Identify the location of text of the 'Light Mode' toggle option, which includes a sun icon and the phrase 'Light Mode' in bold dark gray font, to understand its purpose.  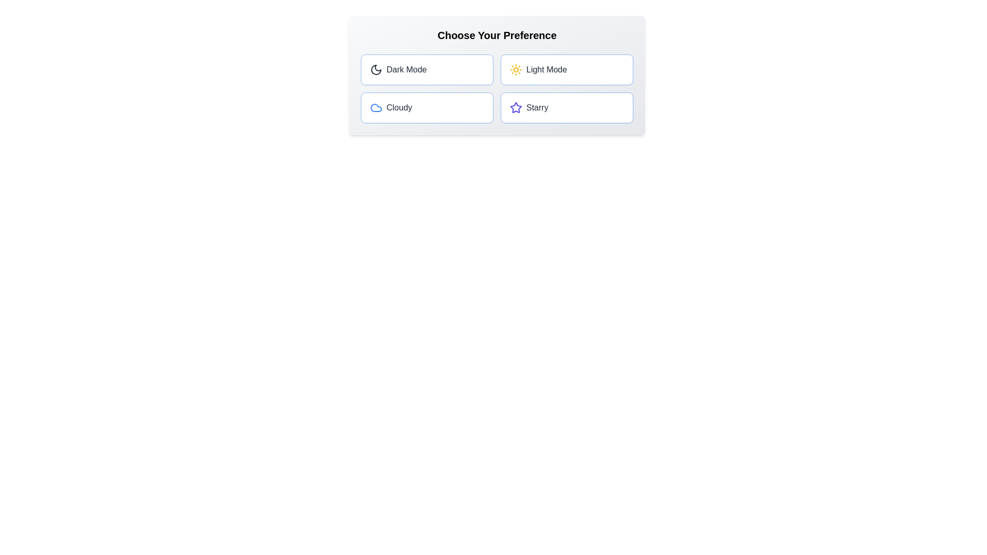
(538, 69).